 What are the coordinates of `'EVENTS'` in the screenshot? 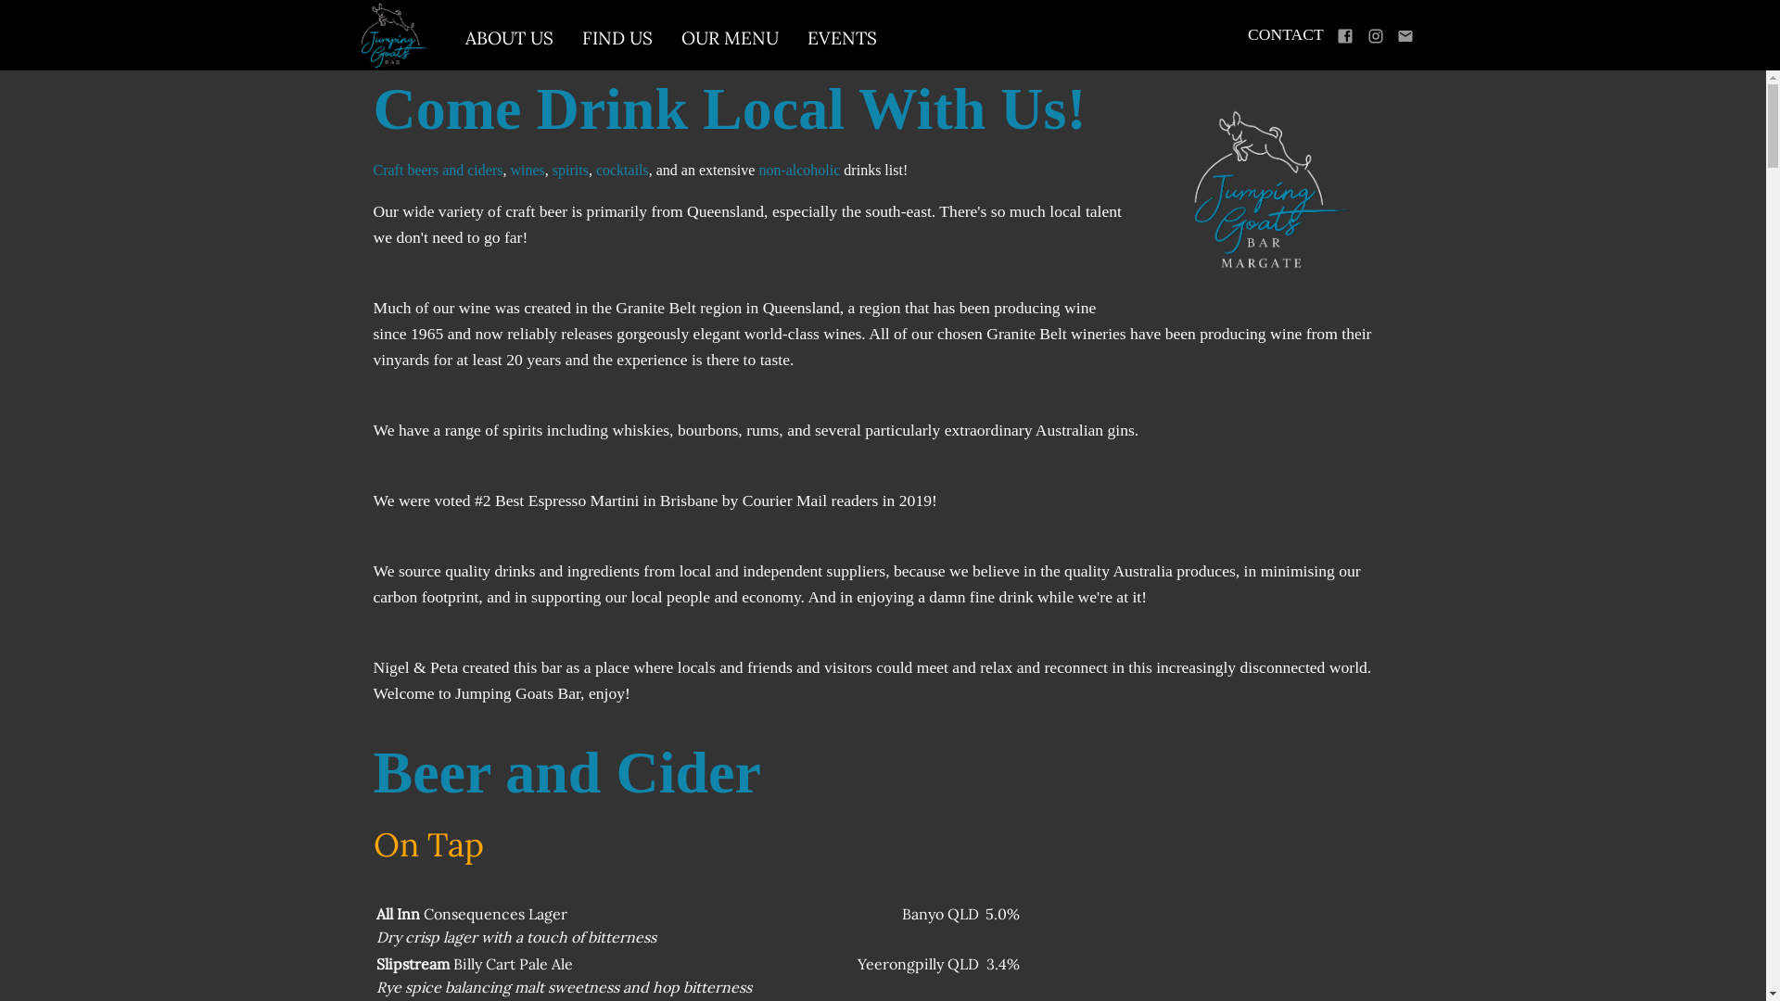 It's located at (841, 38).